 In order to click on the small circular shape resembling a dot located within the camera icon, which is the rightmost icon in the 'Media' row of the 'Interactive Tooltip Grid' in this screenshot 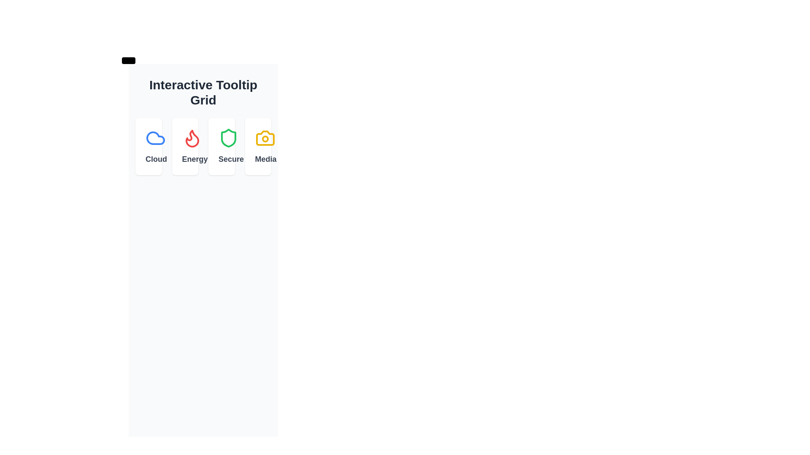, I will do `click(265, 139)`.